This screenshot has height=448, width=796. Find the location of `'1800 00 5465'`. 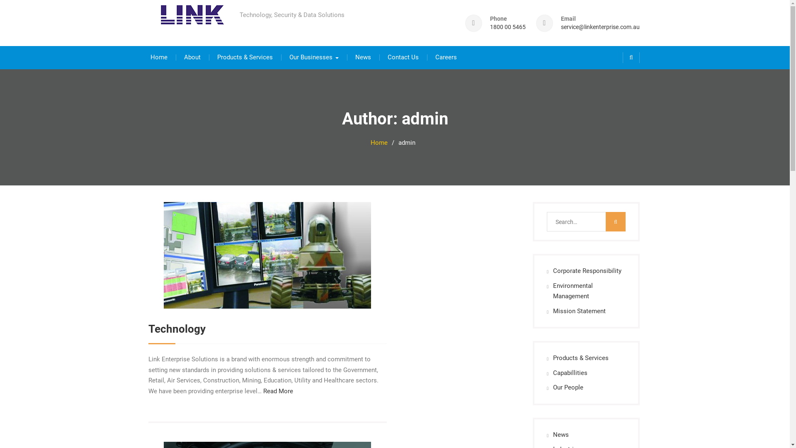

'1800 00 5465' is located at coordinates (507, 27).